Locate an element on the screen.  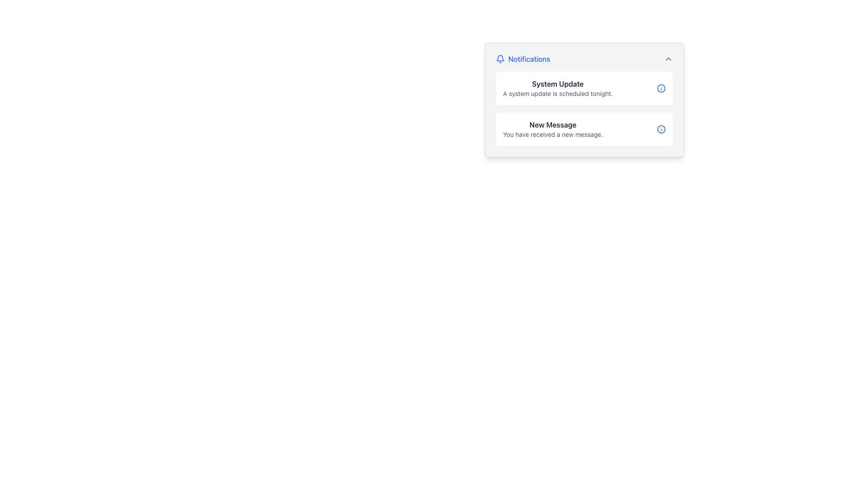
the icon button located at the top right corner of the 'Notifications' card is located at coordinates (668, 59).